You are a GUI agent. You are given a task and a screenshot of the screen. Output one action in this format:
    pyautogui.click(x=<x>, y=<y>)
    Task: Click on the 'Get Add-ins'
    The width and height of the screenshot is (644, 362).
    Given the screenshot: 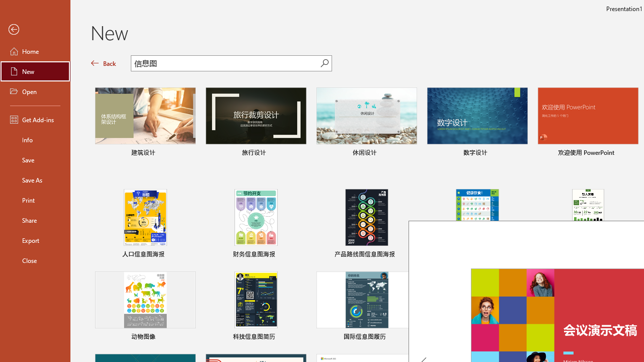 What is the action you would take?
    pyautogui.click(x=35, y=119)
    